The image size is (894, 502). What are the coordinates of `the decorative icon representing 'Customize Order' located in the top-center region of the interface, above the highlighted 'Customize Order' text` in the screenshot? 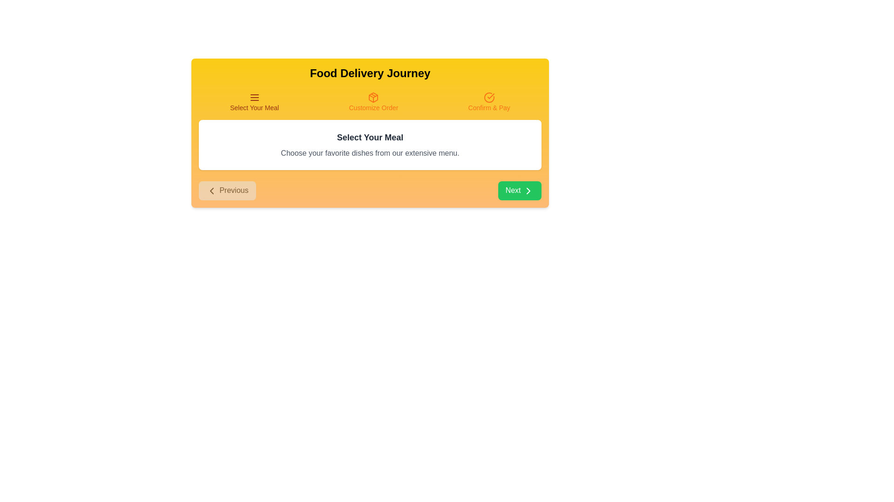 It's located at (373, 97).